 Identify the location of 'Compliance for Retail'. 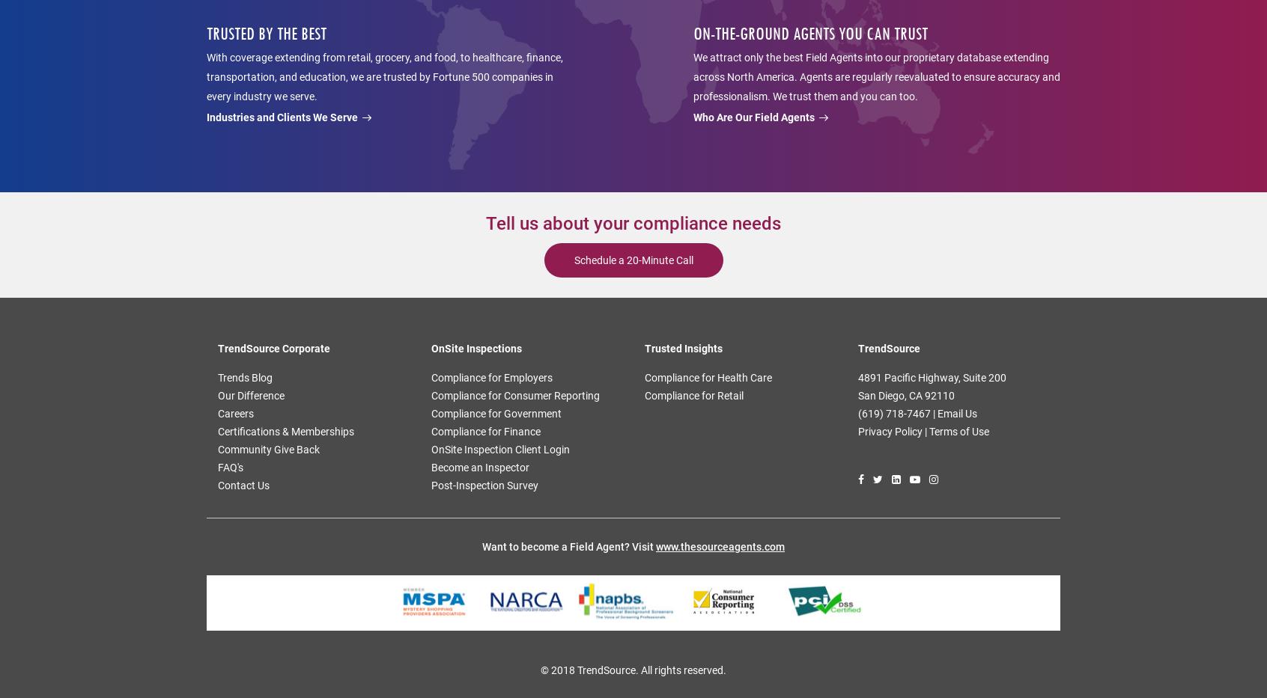
(694, 394).